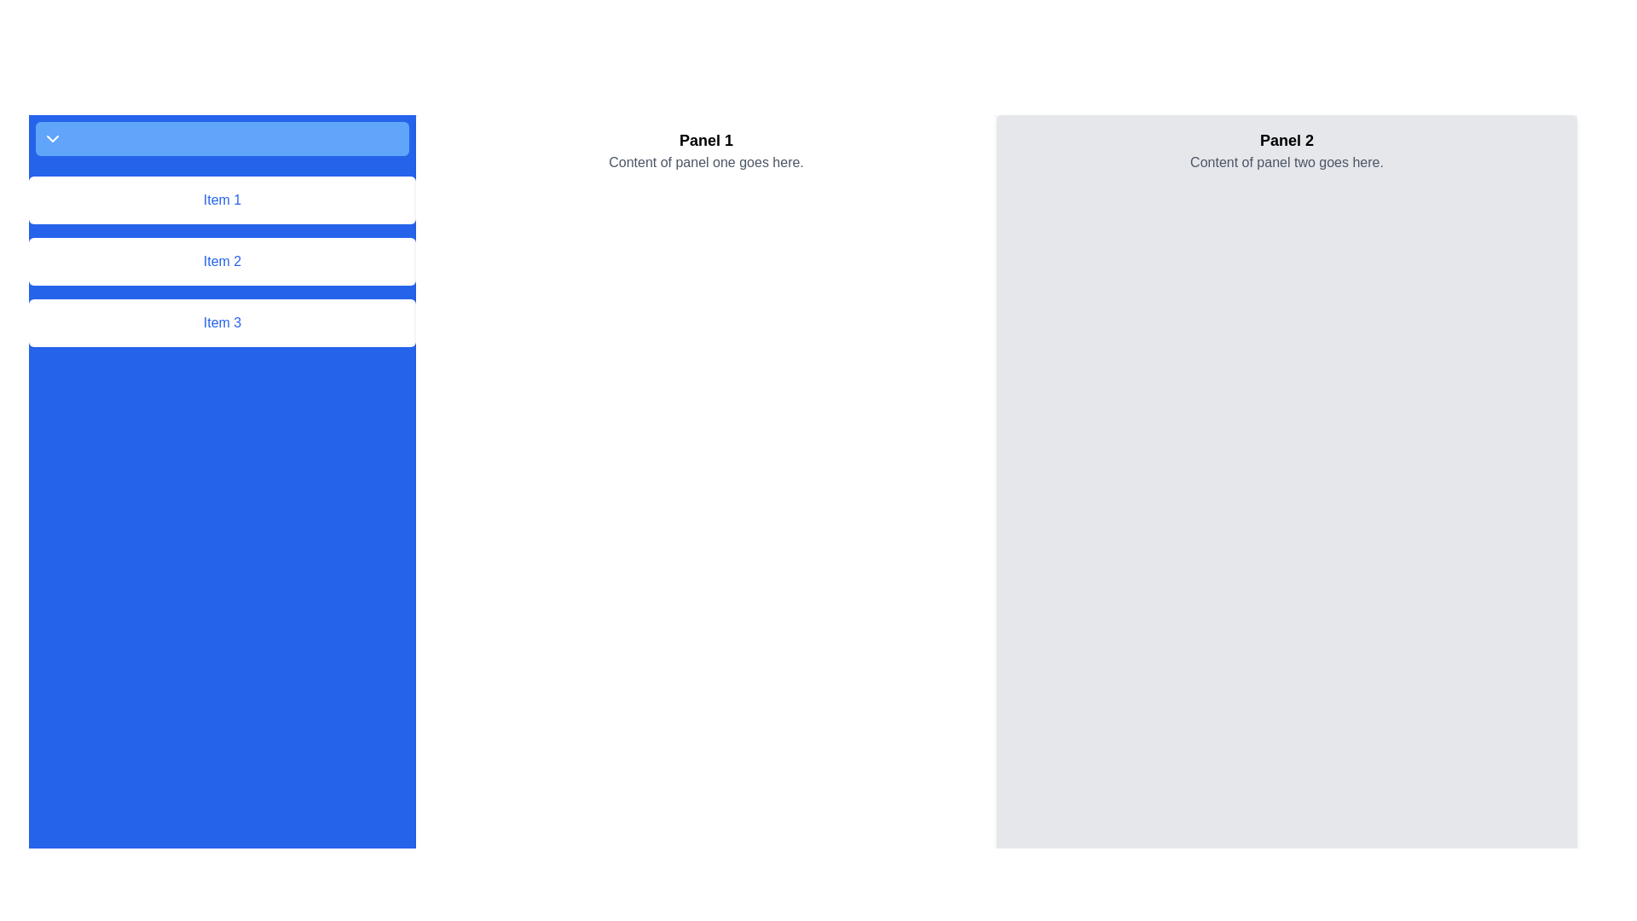 This screenshot has width=1637, height=921. Describe the element at coordinates (221, 262) in the screenshot. I see `the second item labeled 'Item 2' in the vertical stack of items` at that location.